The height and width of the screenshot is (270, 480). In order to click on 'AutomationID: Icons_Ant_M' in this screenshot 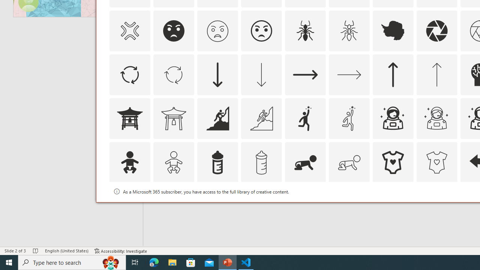, I will do `click(348, 30)`.